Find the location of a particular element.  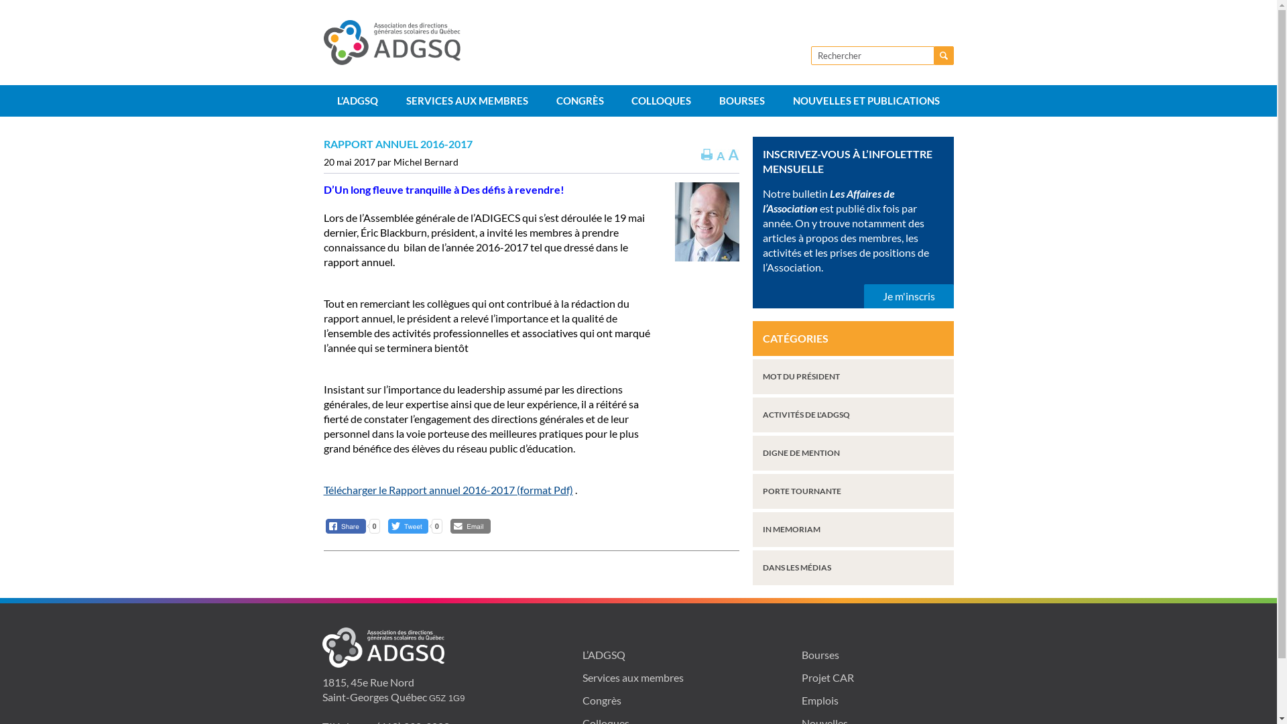

'SERVICES AUX MEMBRES' is located at coordinates (467, 100).